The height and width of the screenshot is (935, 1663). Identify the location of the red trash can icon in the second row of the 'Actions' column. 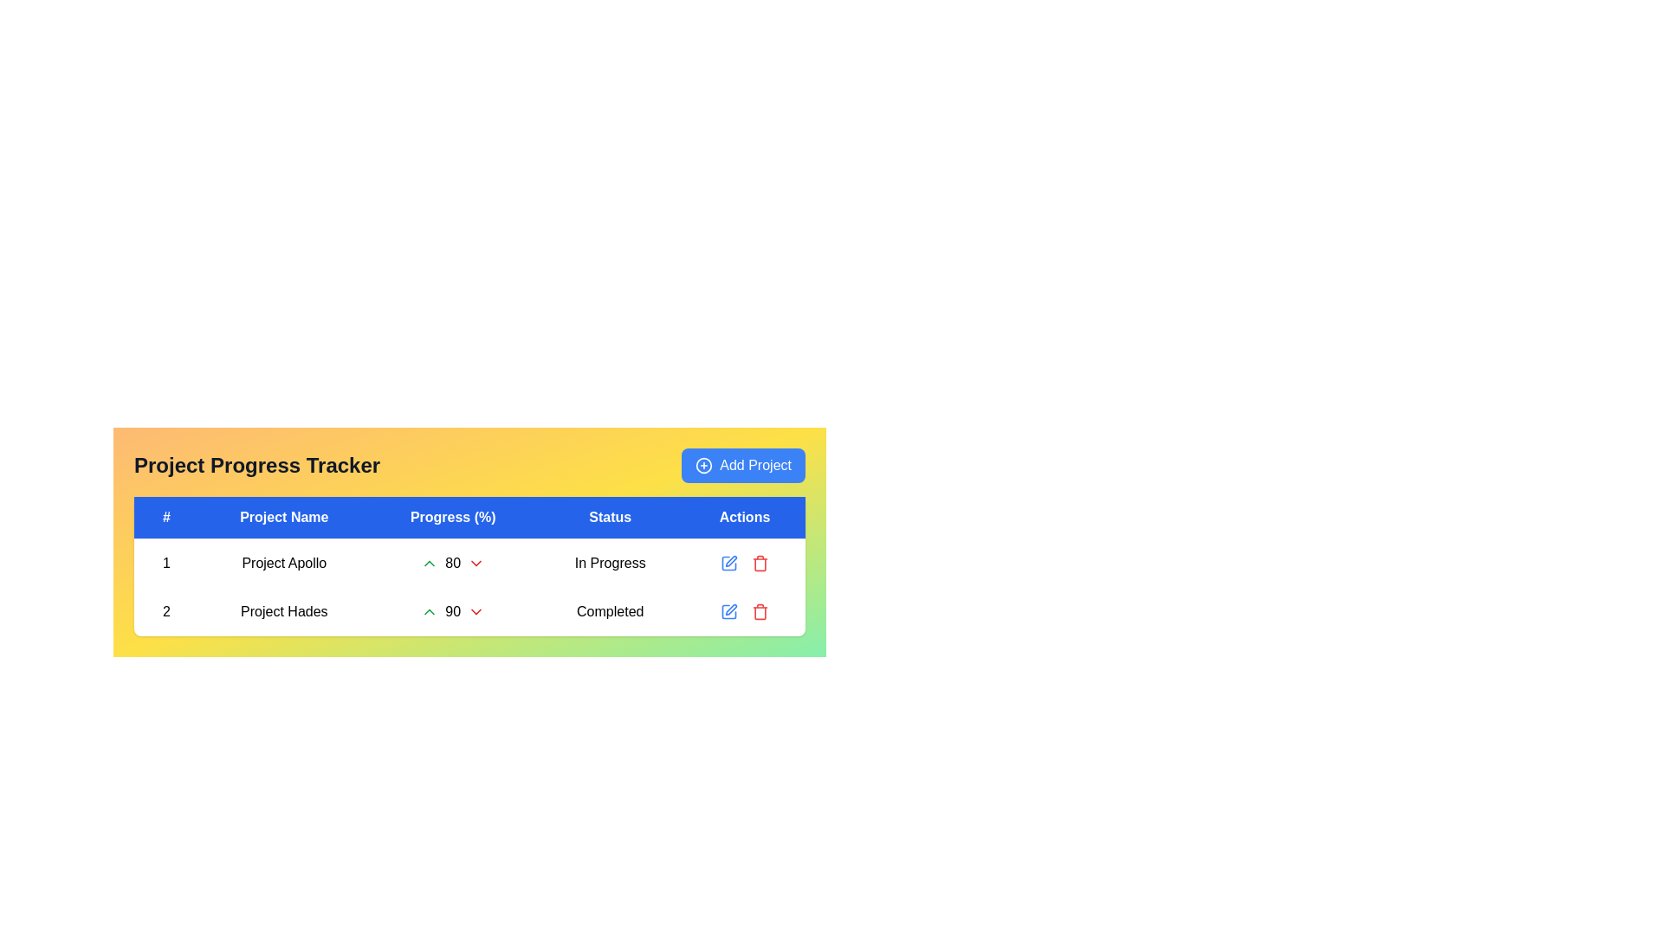
(760, 564).